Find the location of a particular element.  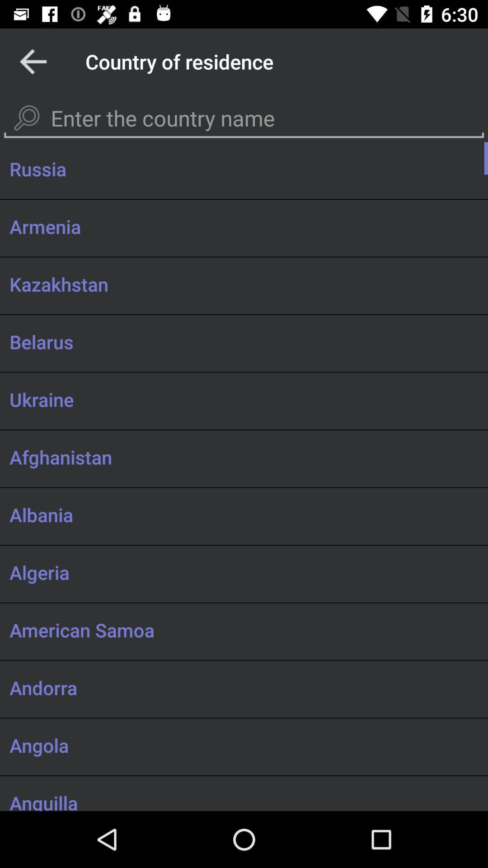

open keyboard to enter country name is located at coordinates (244, 118).